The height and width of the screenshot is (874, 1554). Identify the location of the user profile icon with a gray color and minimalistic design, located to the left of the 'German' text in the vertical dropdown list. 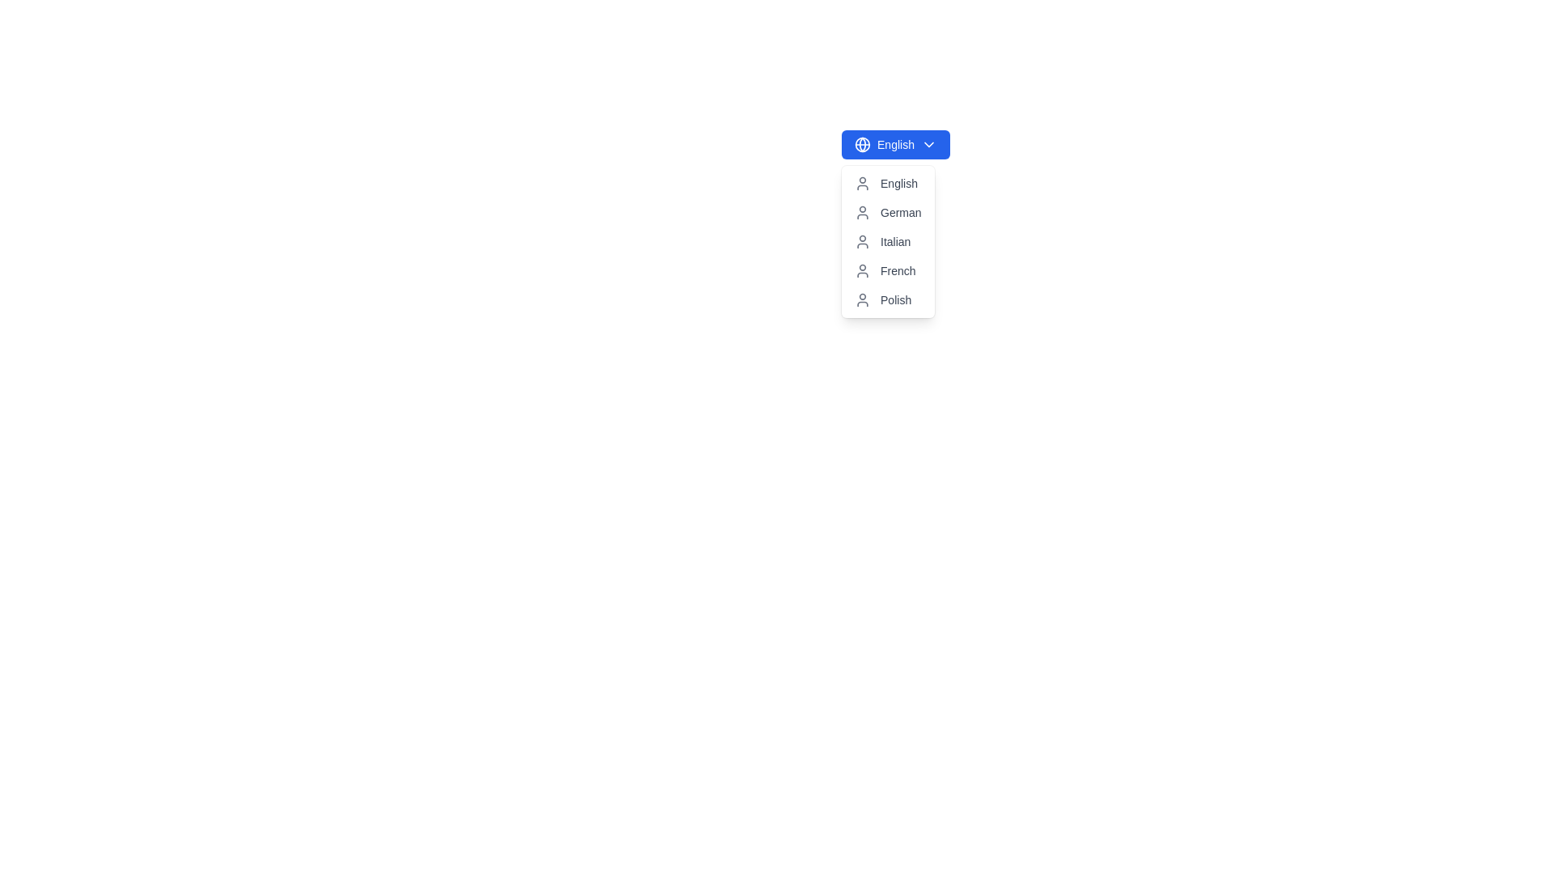
(861, 211).